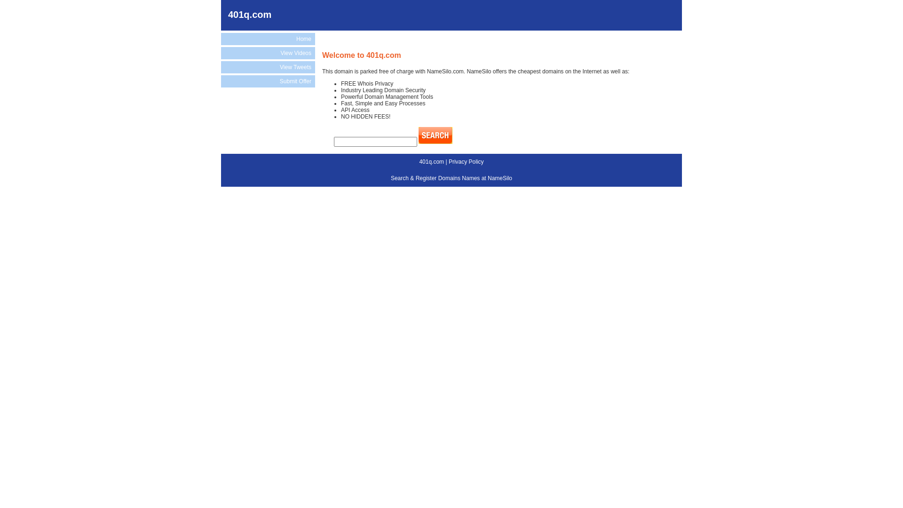 The image size is (903, 508). What do you see at coordinates (268, 53) in the screenshot?
I see `'View Videos'` at bounding box center [268, 53].